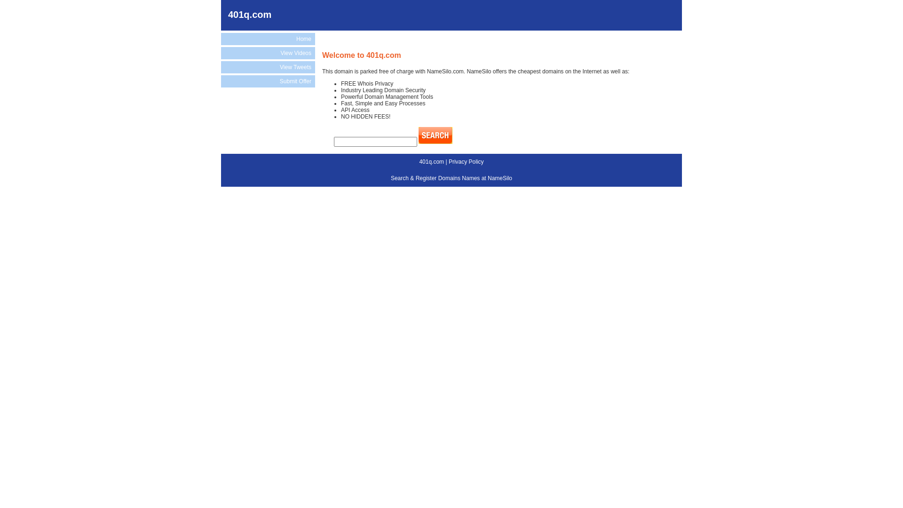 The image size is (903, 508). What do you see at coordinates (268, 53) in the screenshot?
I see `'View Videos'` at bounding box center [268, 53].